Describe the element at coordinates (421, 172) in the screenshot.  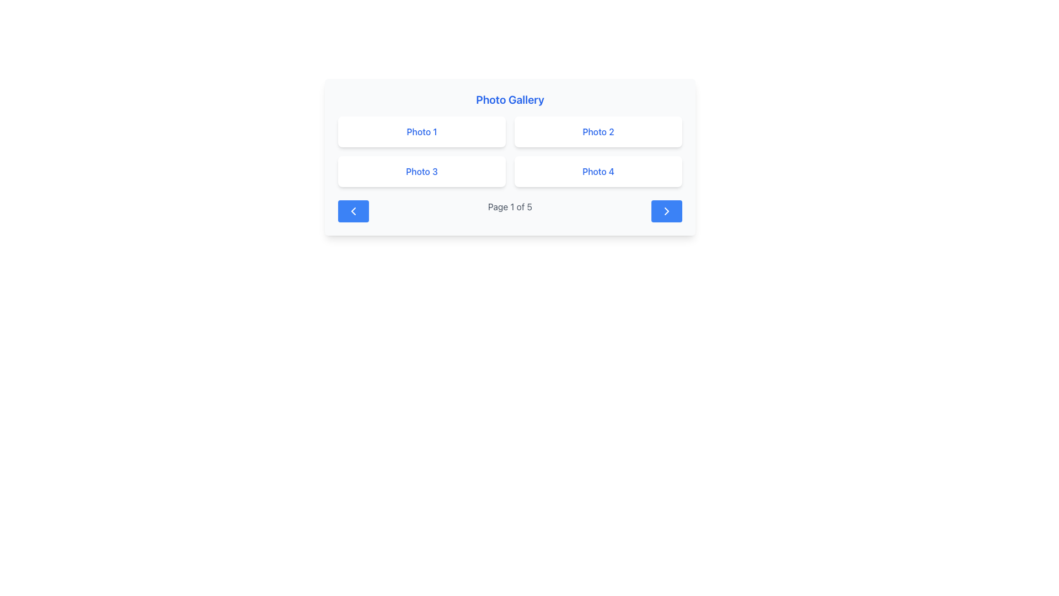
I see `the rectangular white button labeled 'Photo 3' located in the second row and first column of the grid` at that location.